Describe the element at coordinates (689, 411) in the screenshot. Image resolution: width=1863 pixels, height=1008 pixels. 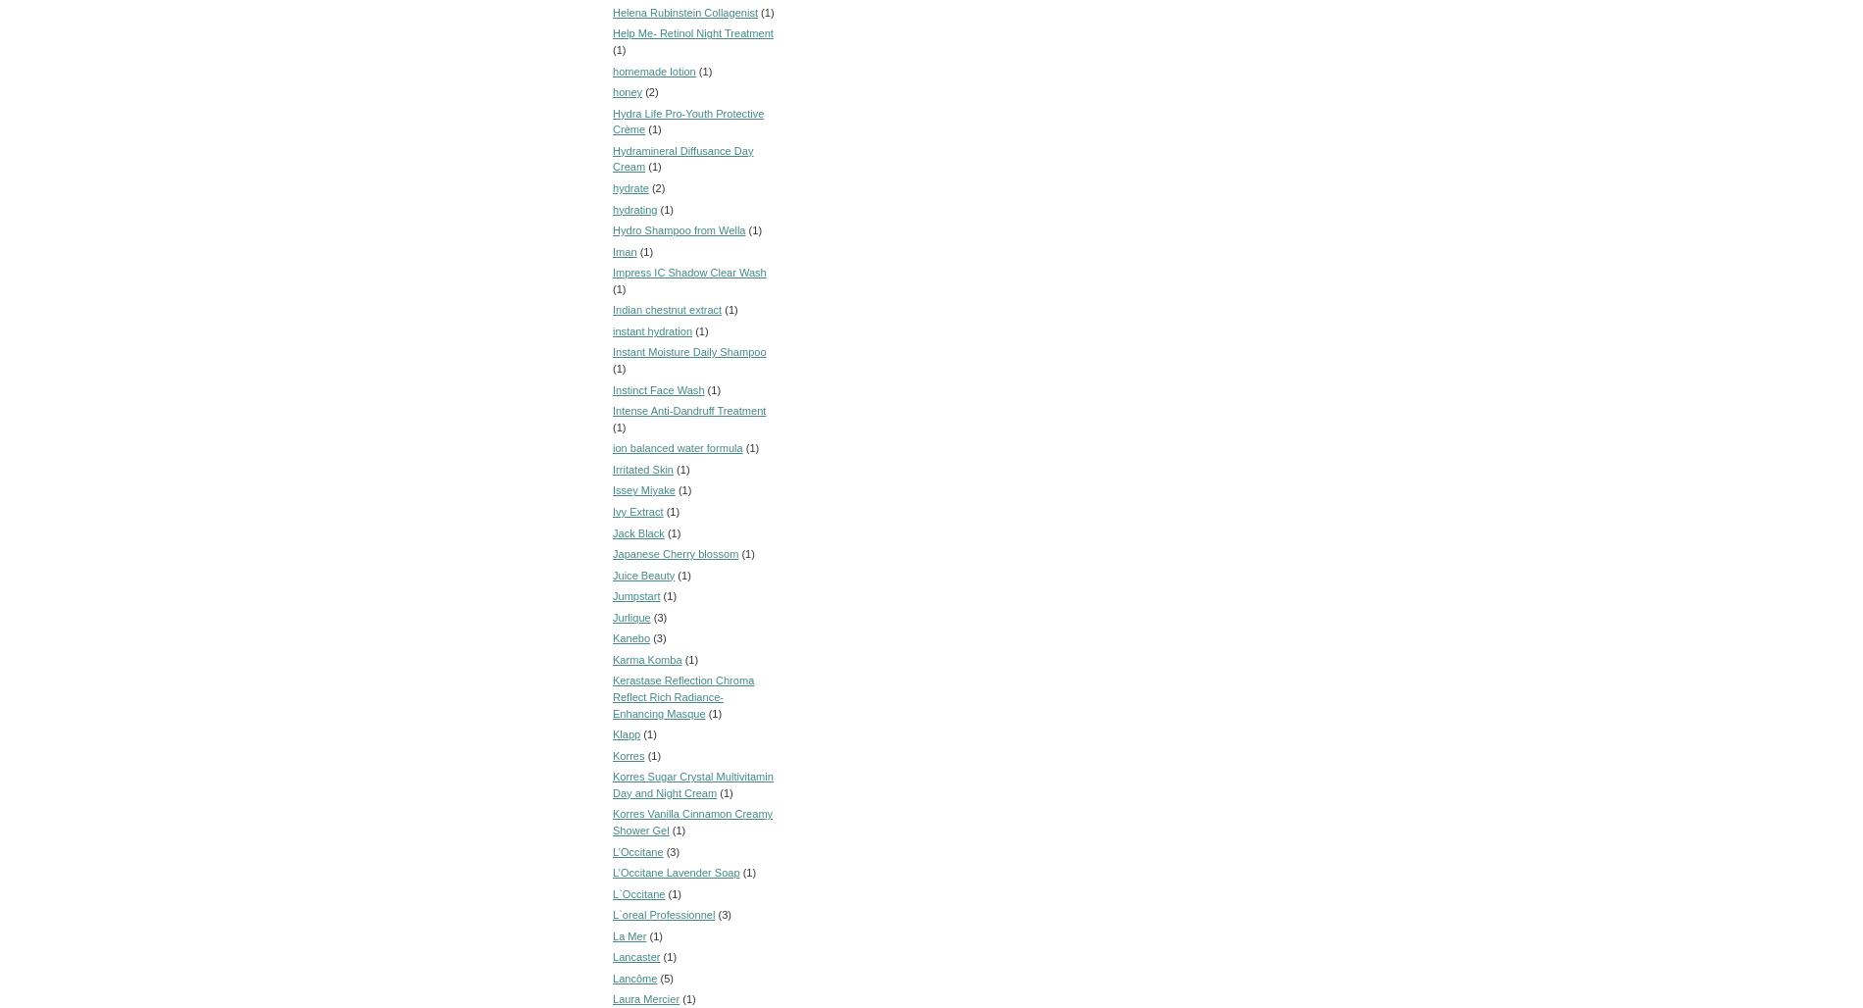
I see `'Intense Anti-Dandruff Treatment'` at that location.